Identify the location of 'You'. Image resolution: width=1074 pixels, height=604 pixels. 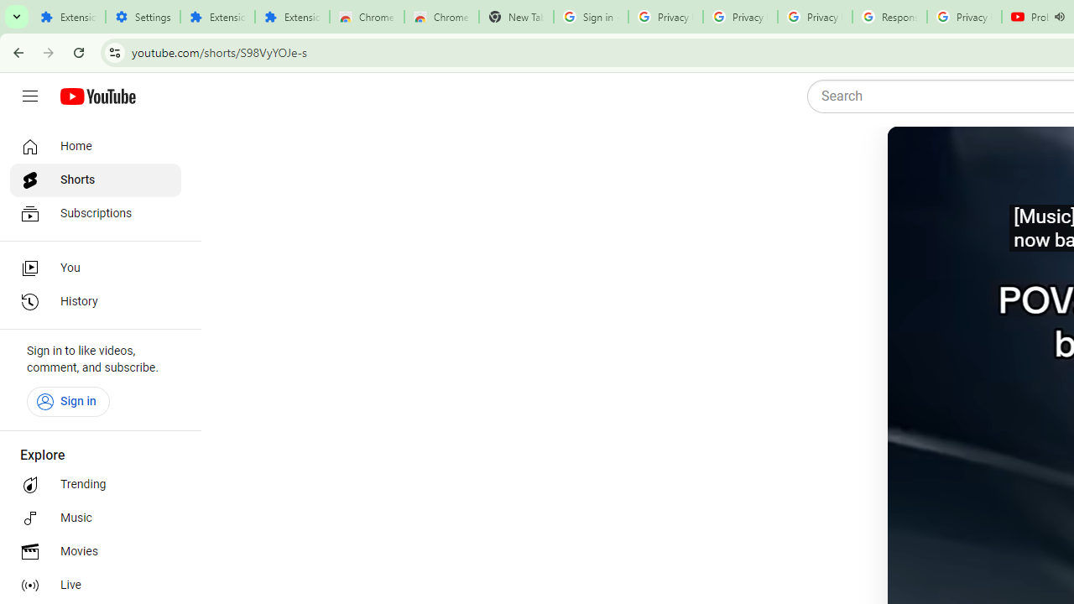
(94, 268).